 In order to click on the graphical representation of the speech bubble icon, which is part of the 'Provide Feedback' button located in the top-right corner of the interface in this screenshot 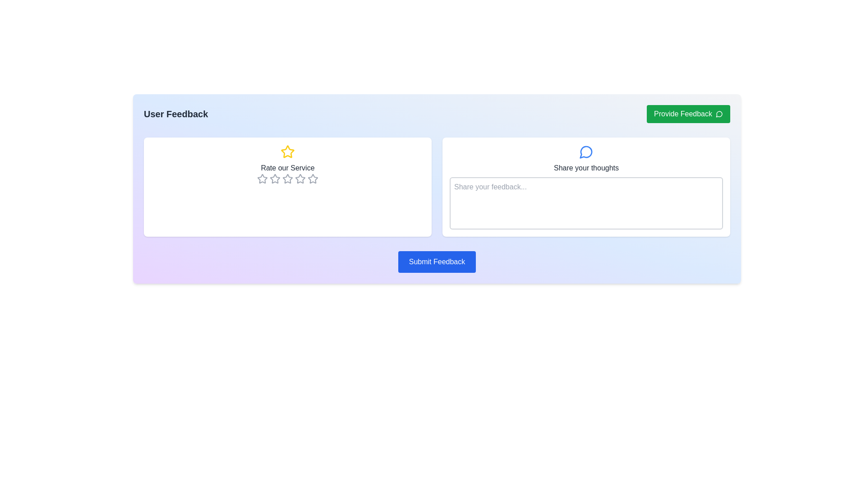, I will do `click(719, 114)`.